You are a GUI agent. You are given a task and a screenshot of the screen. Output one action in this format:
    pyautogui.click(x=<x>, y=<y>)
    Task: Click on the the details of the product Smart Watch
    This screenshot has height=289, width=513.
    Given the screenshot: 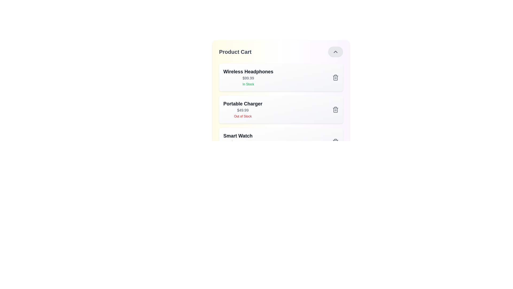 What is the action you would take?
    pyautogui.click(x=238, y=141)
    